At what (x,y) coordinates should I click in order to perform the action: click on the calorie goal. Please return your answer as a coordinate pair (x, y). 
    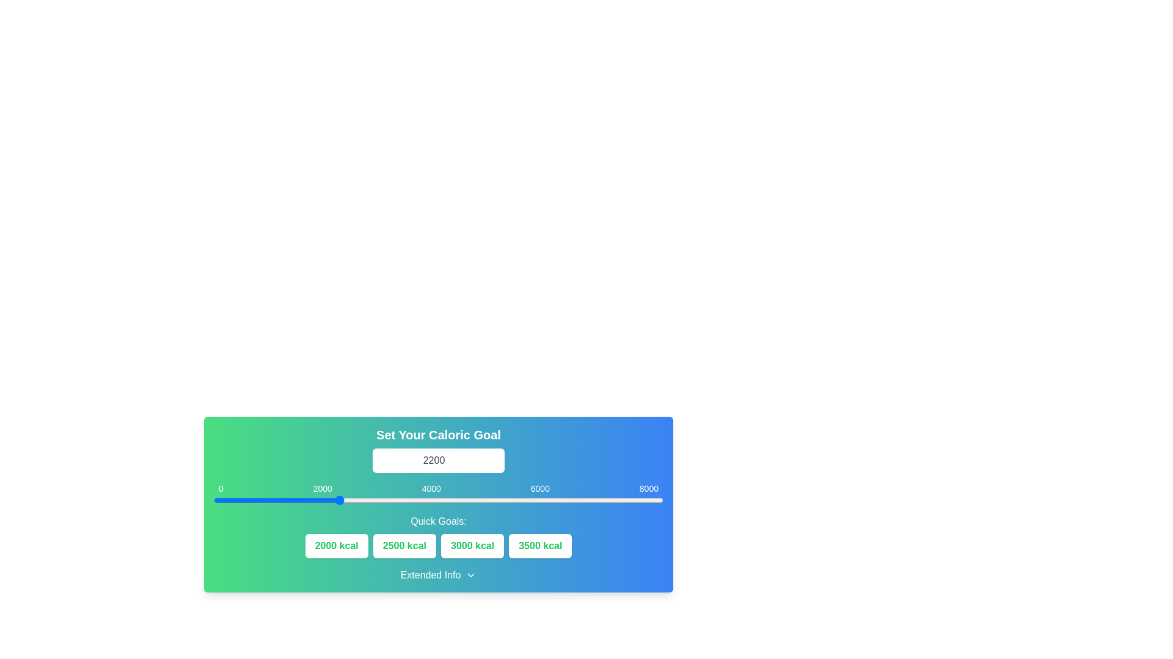
    Looking at the image, I should click on (228, 500).